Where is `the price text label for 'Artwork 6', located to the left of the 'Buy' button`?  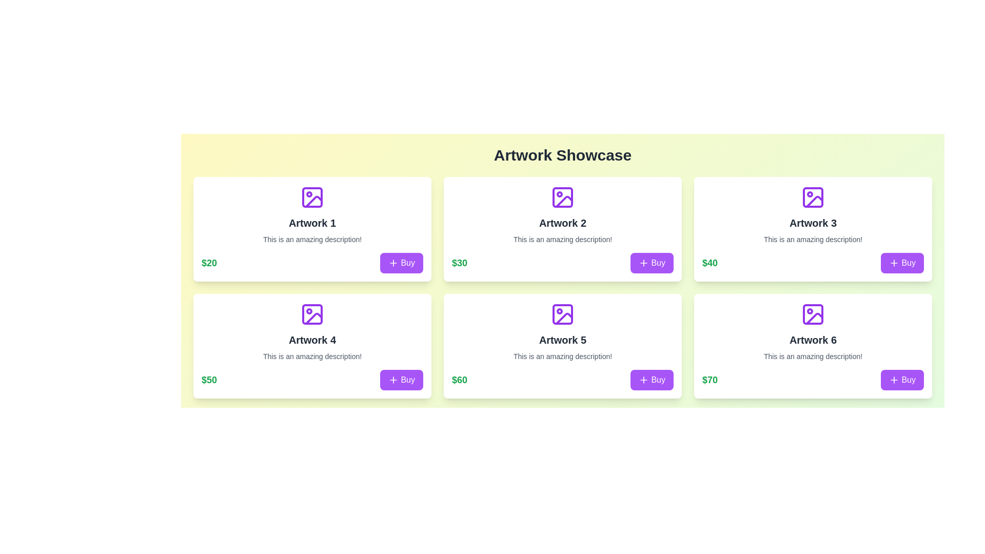
the price text label for 'Artwork 6', located to the left of the 'Buy' button is located at coordinates (709, 380).